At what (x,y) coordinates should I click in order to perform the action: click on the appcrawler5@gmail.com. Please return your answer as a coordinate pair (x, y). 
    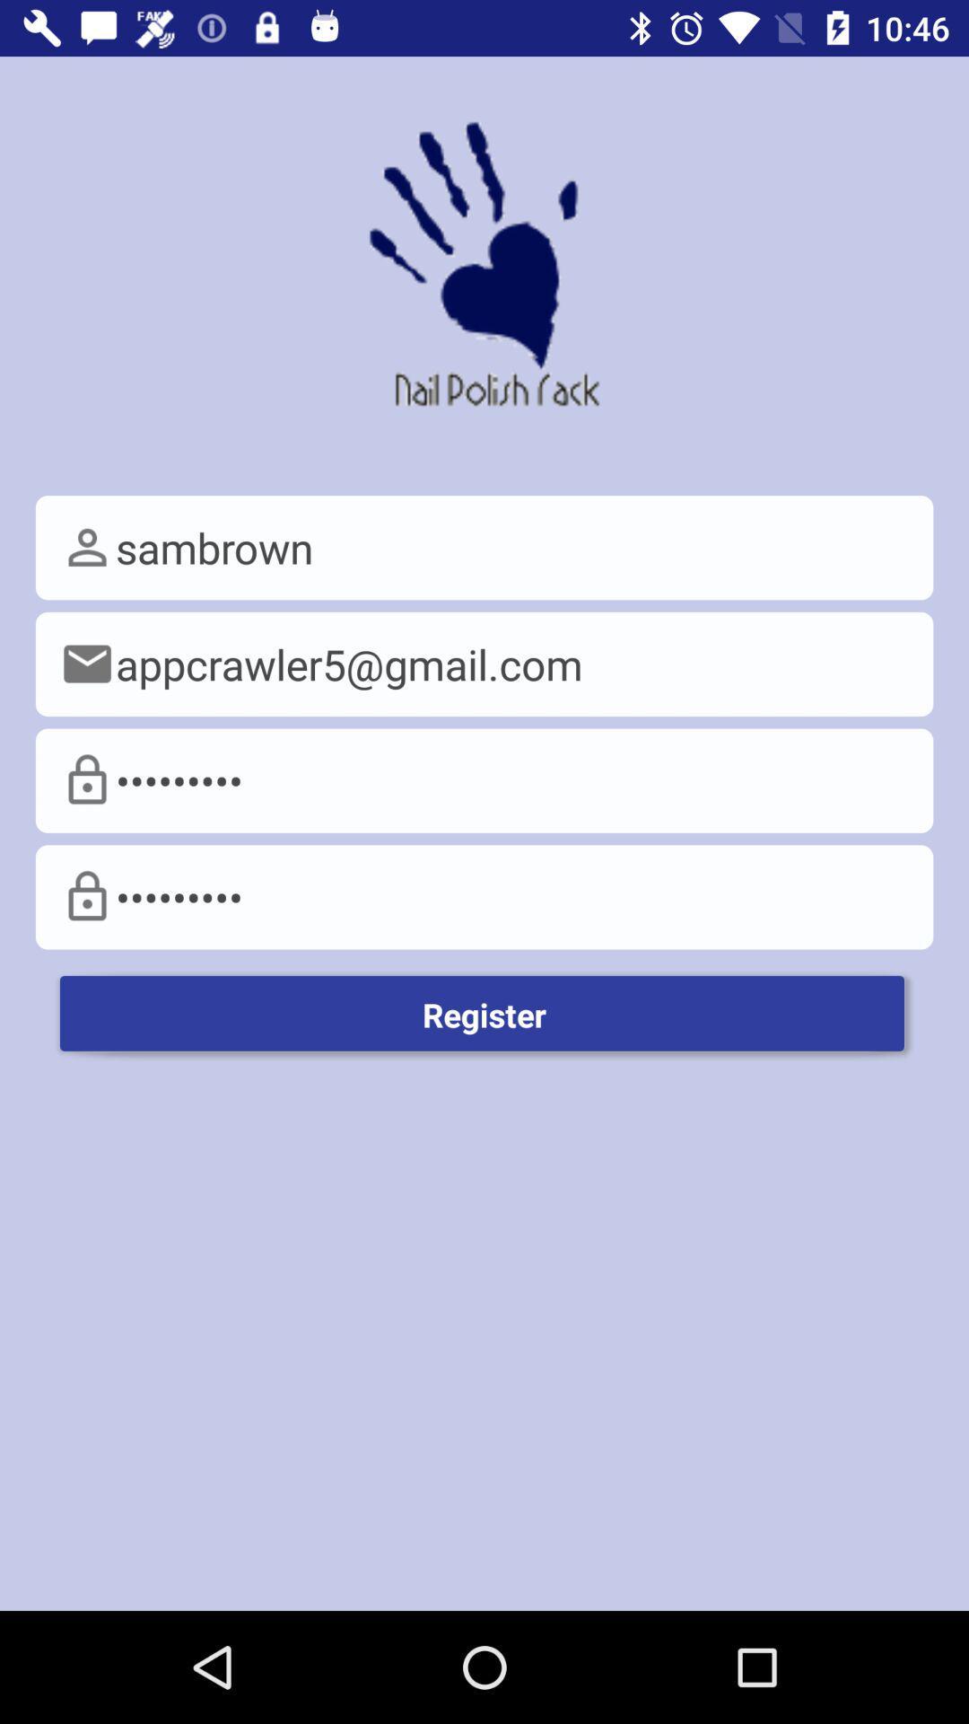
    Looking at the image, I should click on (484, 663).